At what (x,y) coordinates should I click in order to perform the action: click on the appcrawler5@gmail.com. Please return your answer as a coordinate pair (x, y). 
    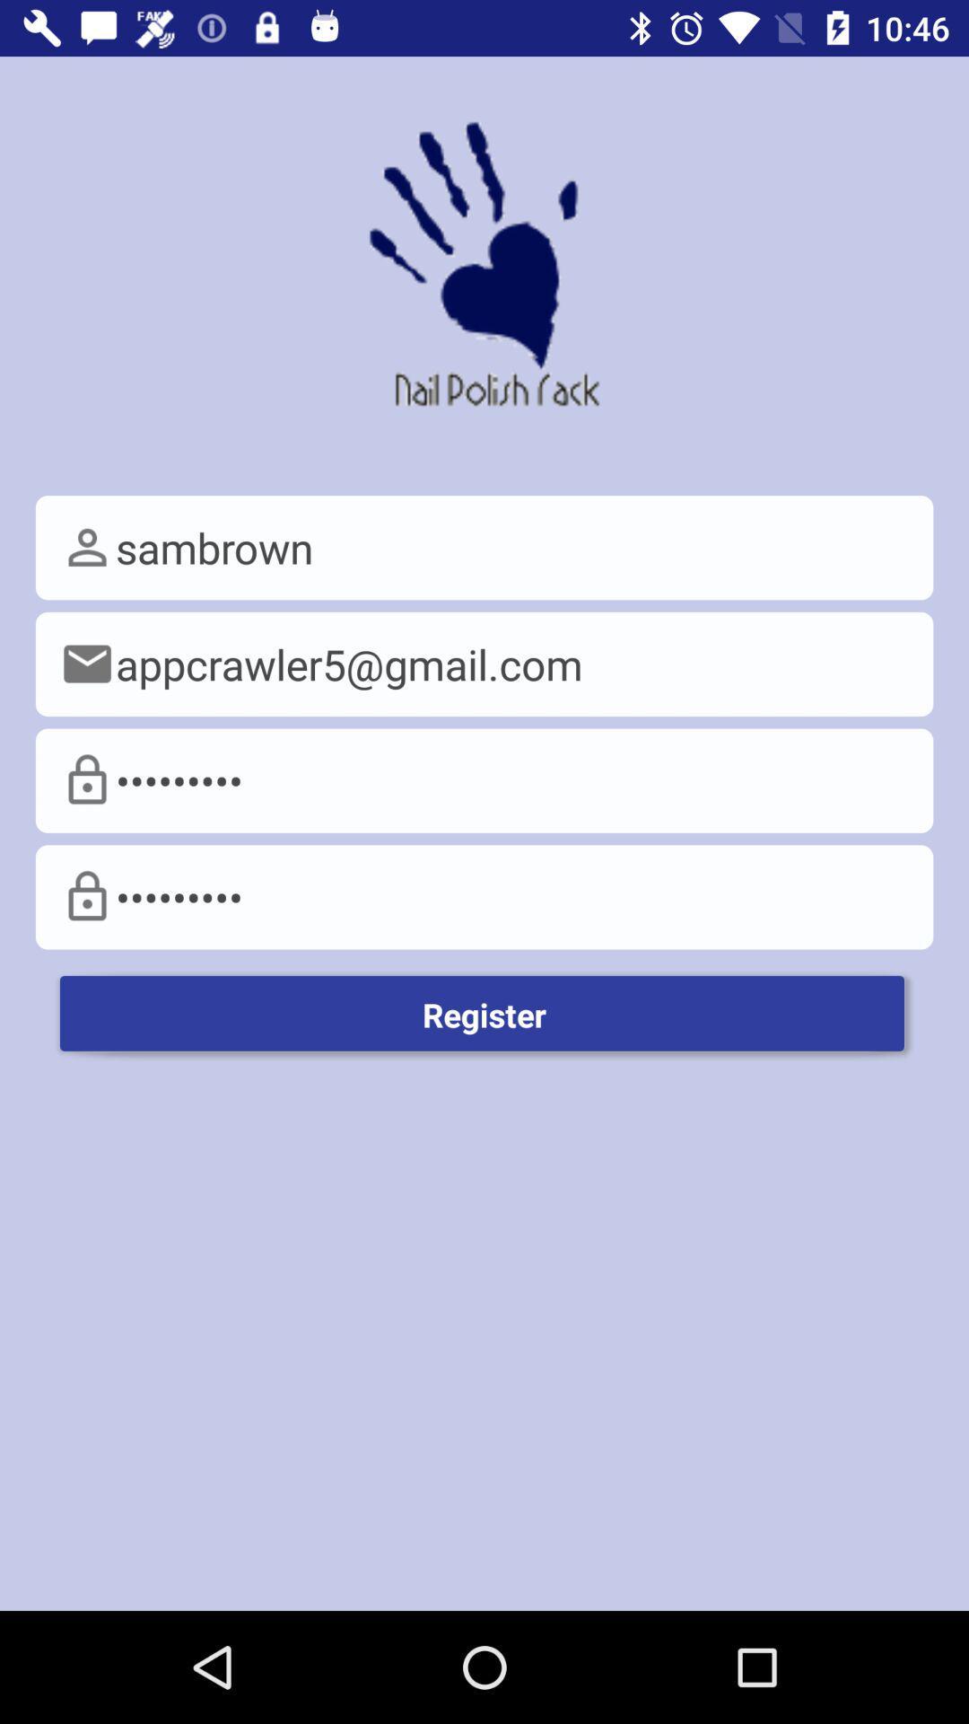
    Looking at the image, I should click on (484, 663).